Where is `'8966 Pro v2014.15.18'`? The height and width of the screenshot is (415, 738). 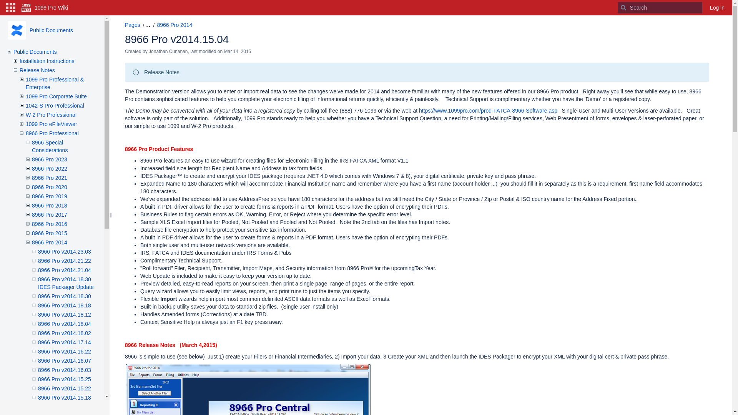 '8966 Pro v2014.15.18' is located at coordinates (65, 397).